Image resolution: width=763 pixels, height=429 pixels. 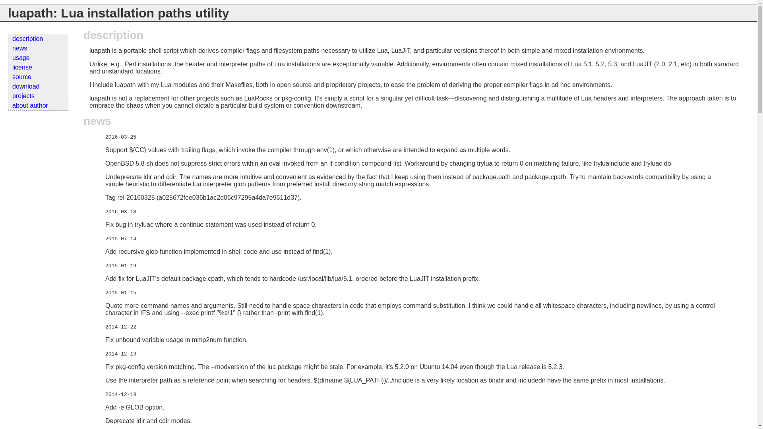 What do you see at coordinates (8, 87) in the screenshot?
I see `'download'` at bounding box center [8, 87].